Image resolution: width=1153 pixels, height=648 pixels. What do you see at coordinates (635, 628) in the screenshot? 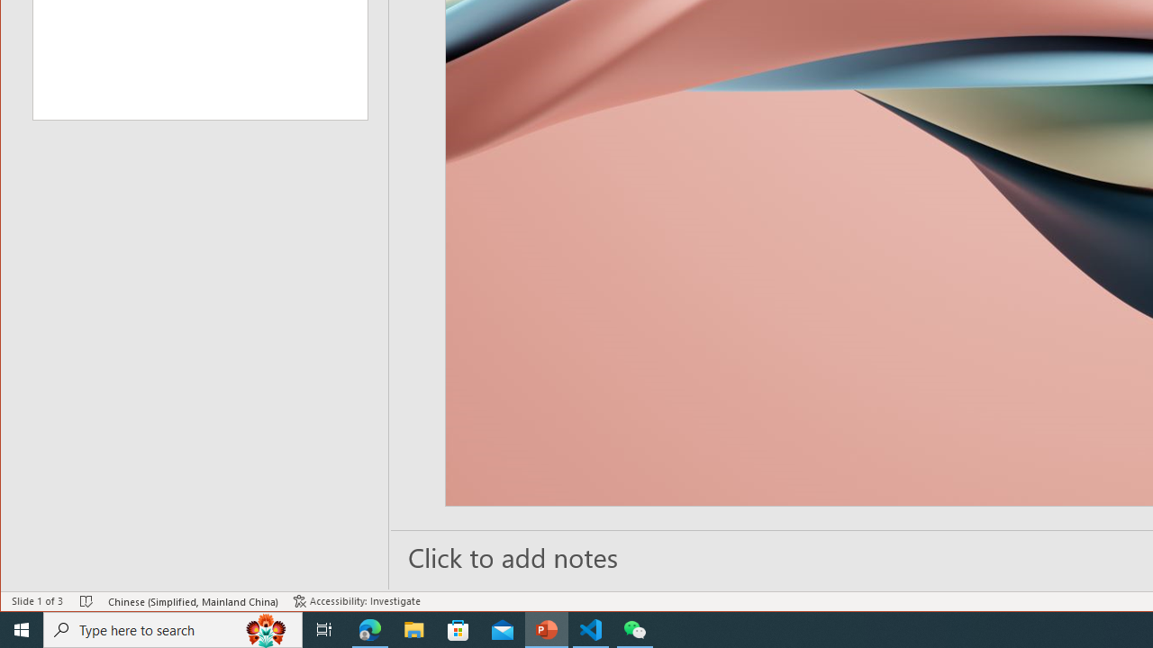
I see `'WeChat - 1 running window'` at bounding box center [635, 628].